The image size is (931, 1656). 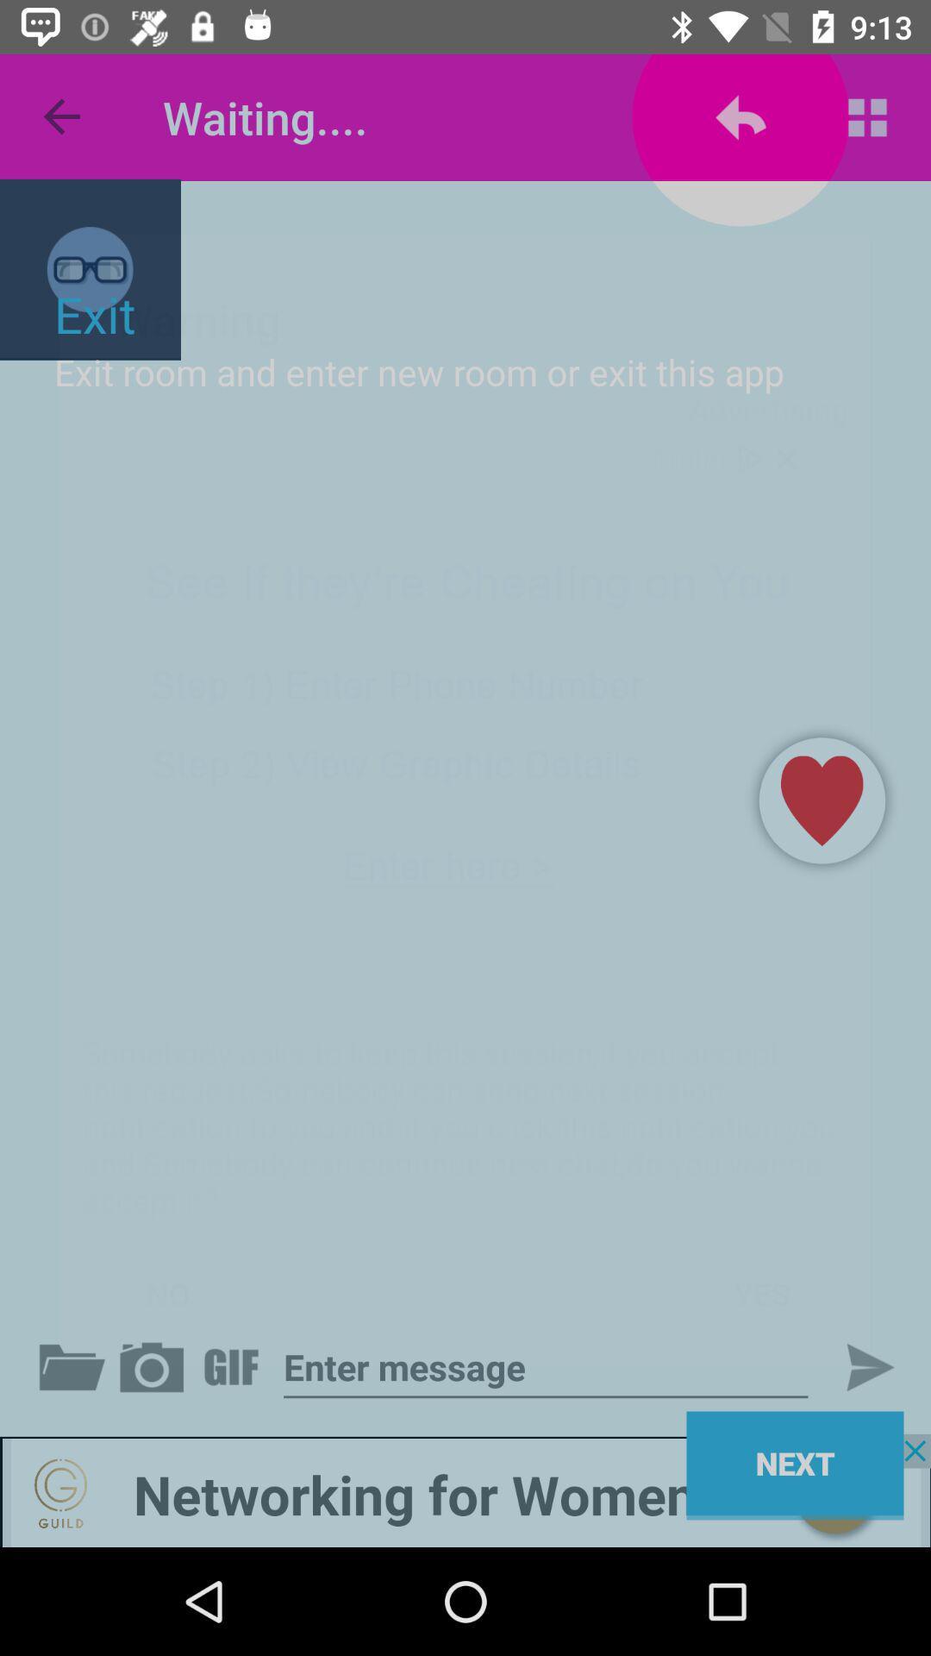 What do you see at coordinates (155, 1366) in the screenshot?
I see `go back` at bounding box center [155, 1366].